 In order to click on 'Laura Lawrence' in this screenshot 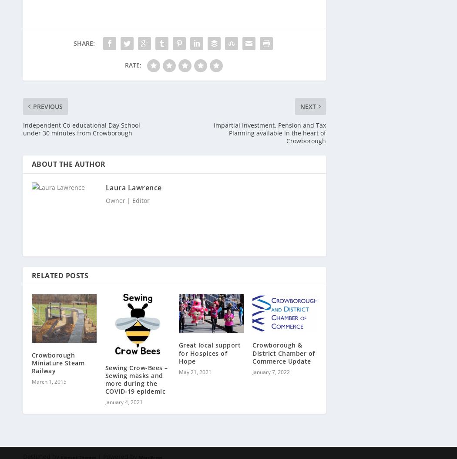, I will do `click(133, 182)`.